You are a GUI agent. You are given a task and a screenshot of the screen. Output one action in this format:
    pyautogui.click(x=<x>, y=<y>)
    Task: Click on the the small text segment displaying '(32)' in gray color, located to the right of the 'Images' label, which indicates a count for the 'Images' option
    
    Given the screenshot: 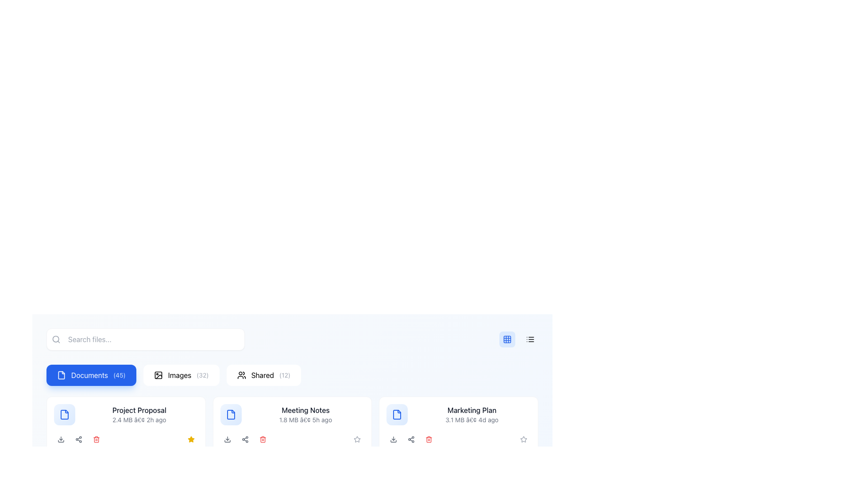 What is the action you would take?
    pyautogui.click(x=202, y=375)
    